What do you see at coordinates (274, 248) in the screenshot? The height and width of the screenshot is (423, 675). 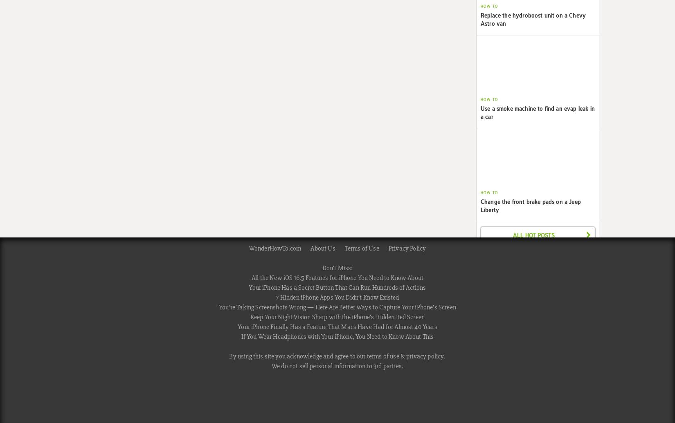 I see `'WonderHowTo.com'` at bounding box center [274, 248].